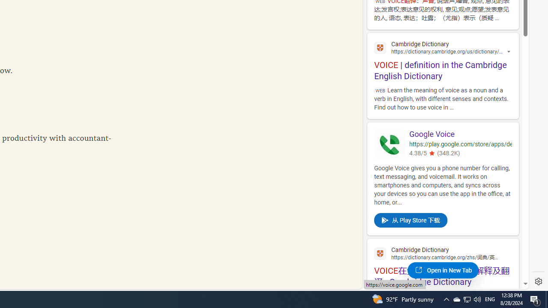 The height and width of the screenshot is (308, 548). I want to click on '4.380543231964111', so click(432, 153).